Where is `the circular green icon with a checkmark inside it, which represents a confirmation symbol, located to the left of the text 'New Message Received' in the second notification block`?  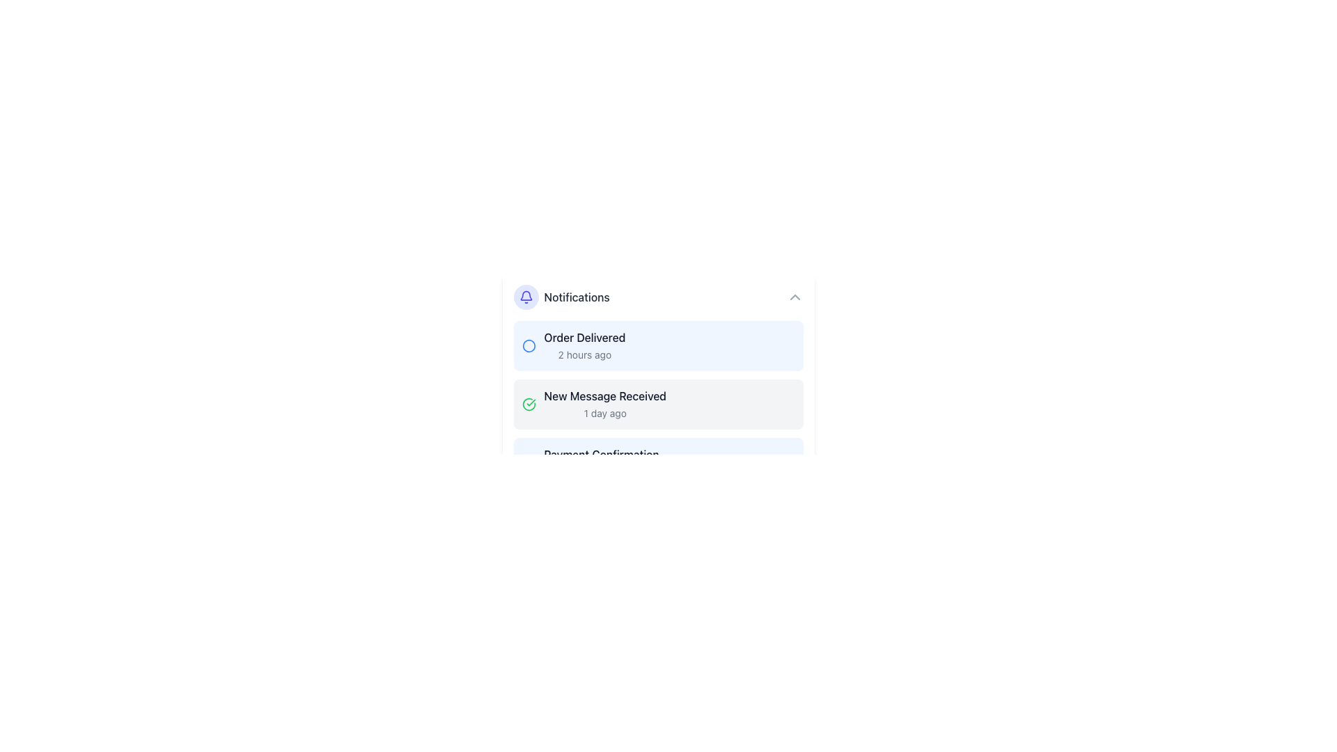 the circular green icon with a checkmark inside it, which represents a confirmation symbol, located to the left of the text 'New Message Received' in the second notification block is located at coordinates (528, 405).